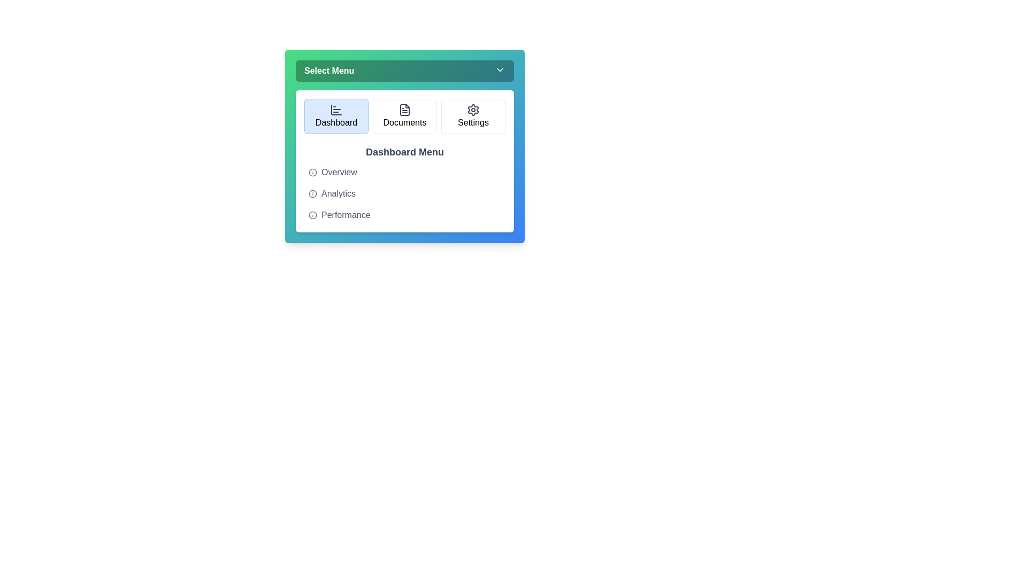 This screenshot has width=1027, height=577. Describe the element at coordinates (404, 172) in the screenshot. I see `the first menu item labeled 'Overview' in the vertical list of menu options` at that location.